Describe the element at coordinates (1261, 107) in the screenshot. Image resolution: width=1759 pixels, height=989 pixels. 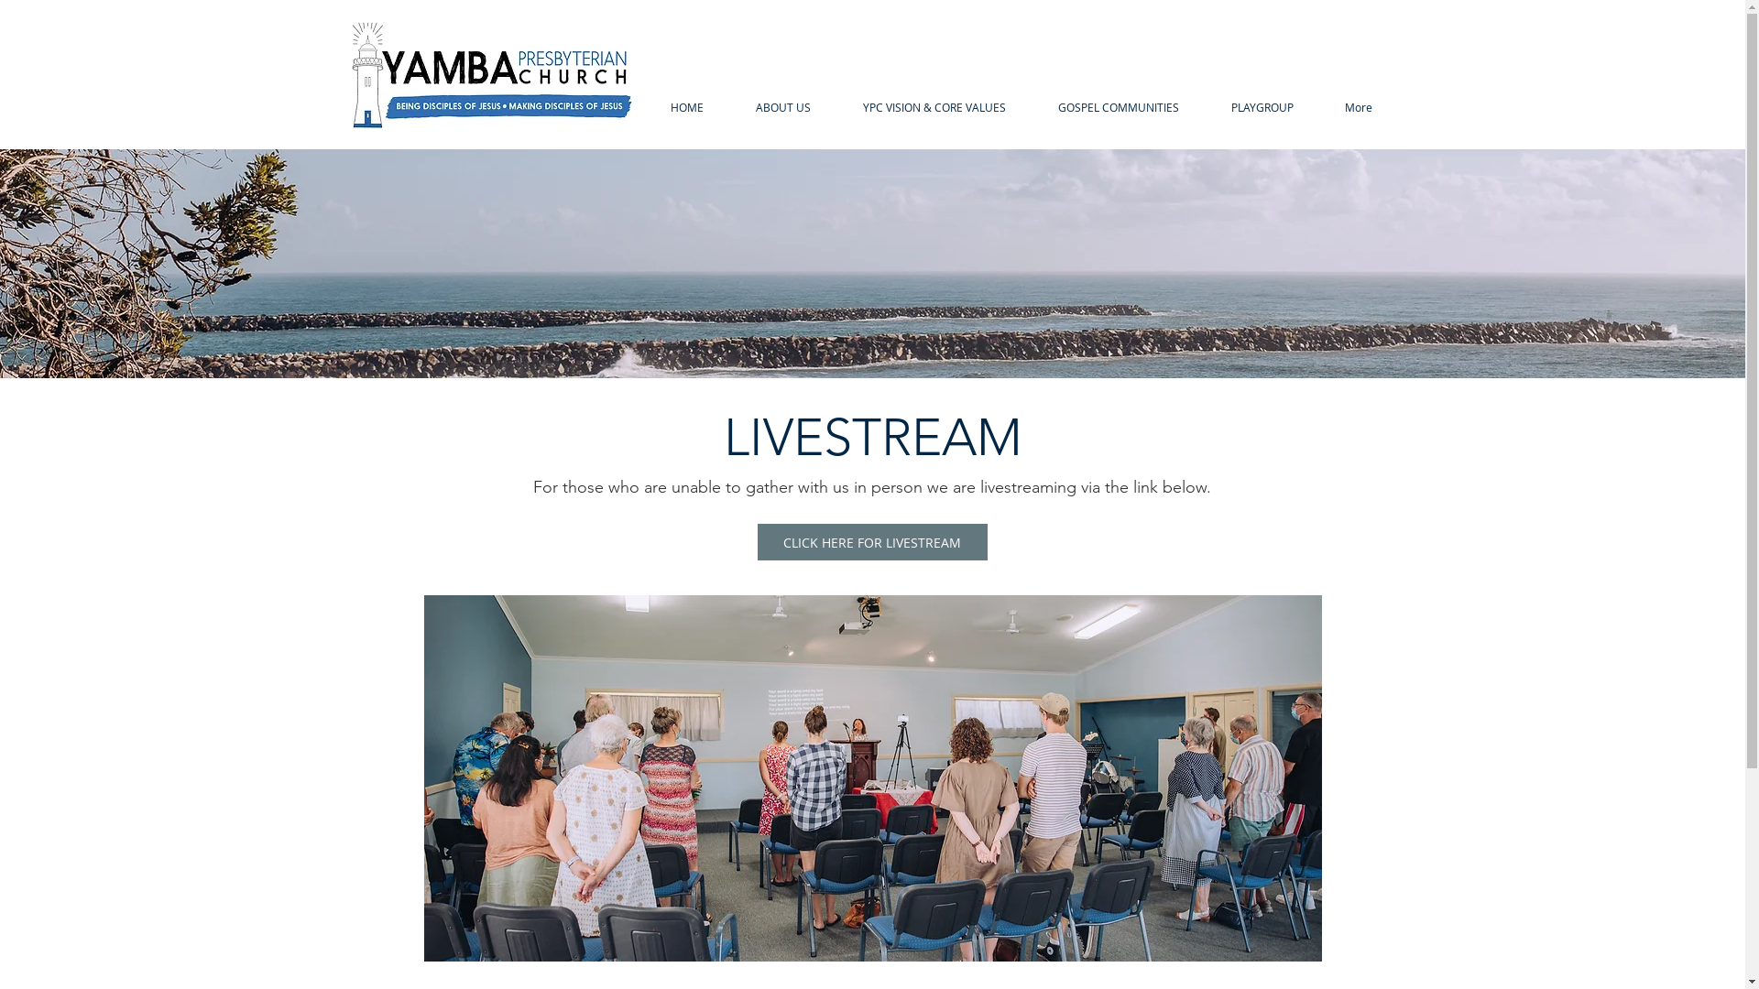
I see `'PLAYGROUP'` at that location.